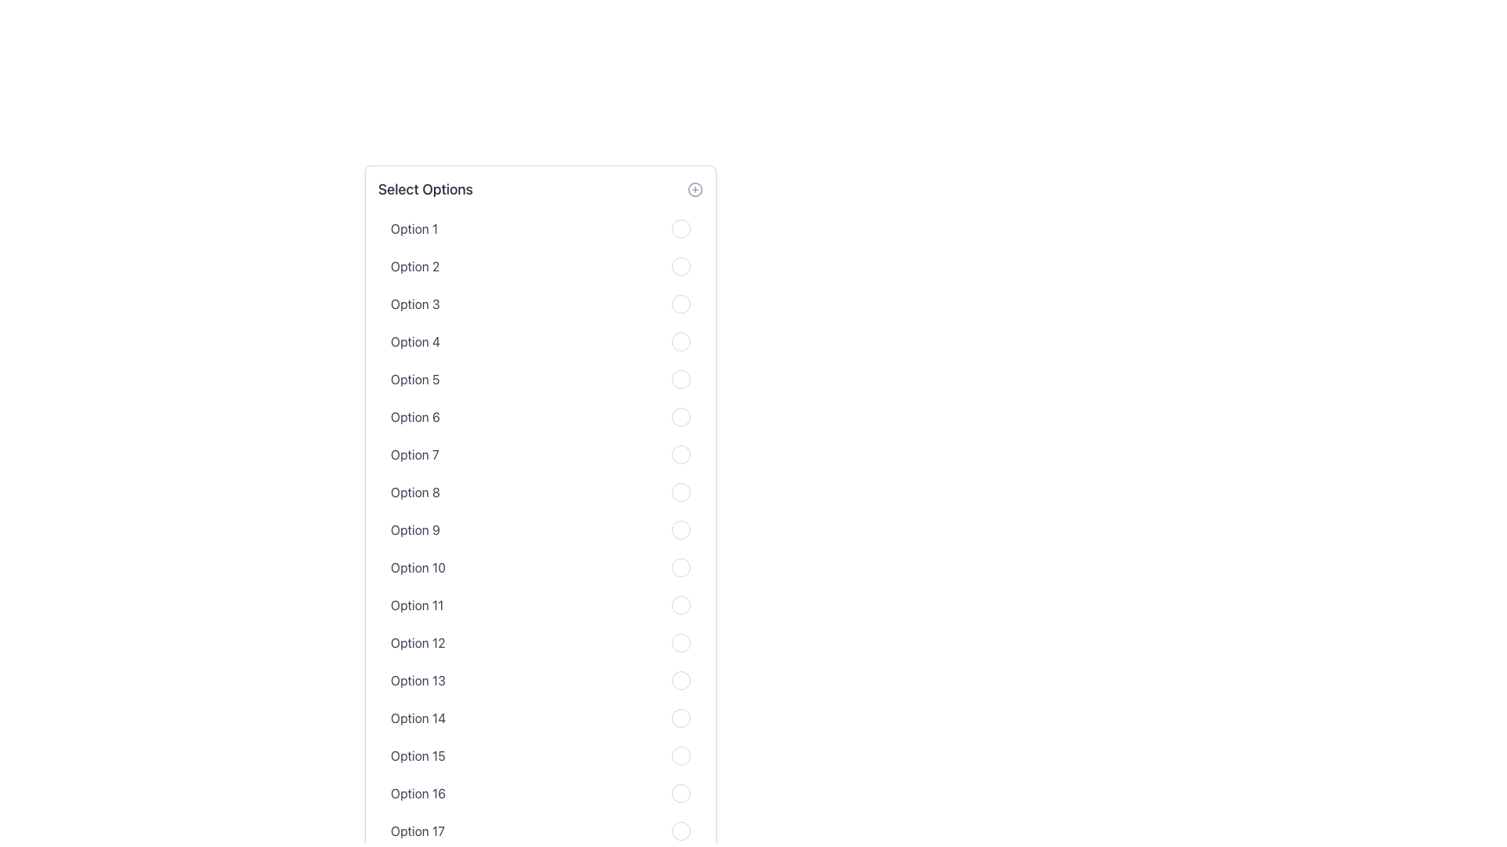 This screenshot has width=1507, height=847. What do you see at coordinates (541, 568) in the screenshot?
I see `the radio button on the right side of the List Item displaying 'Option 10'` at bounding box center [541, 568].